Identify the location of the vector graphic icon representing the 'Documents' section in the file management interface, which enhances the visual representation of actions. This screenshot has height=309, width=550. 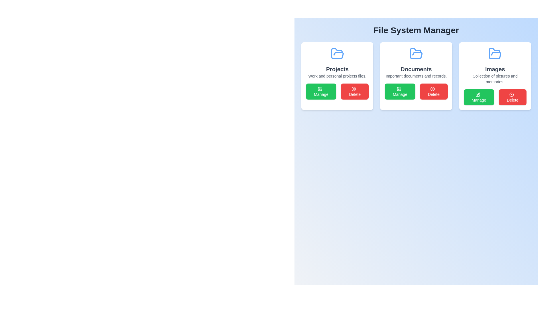
(398, 89).